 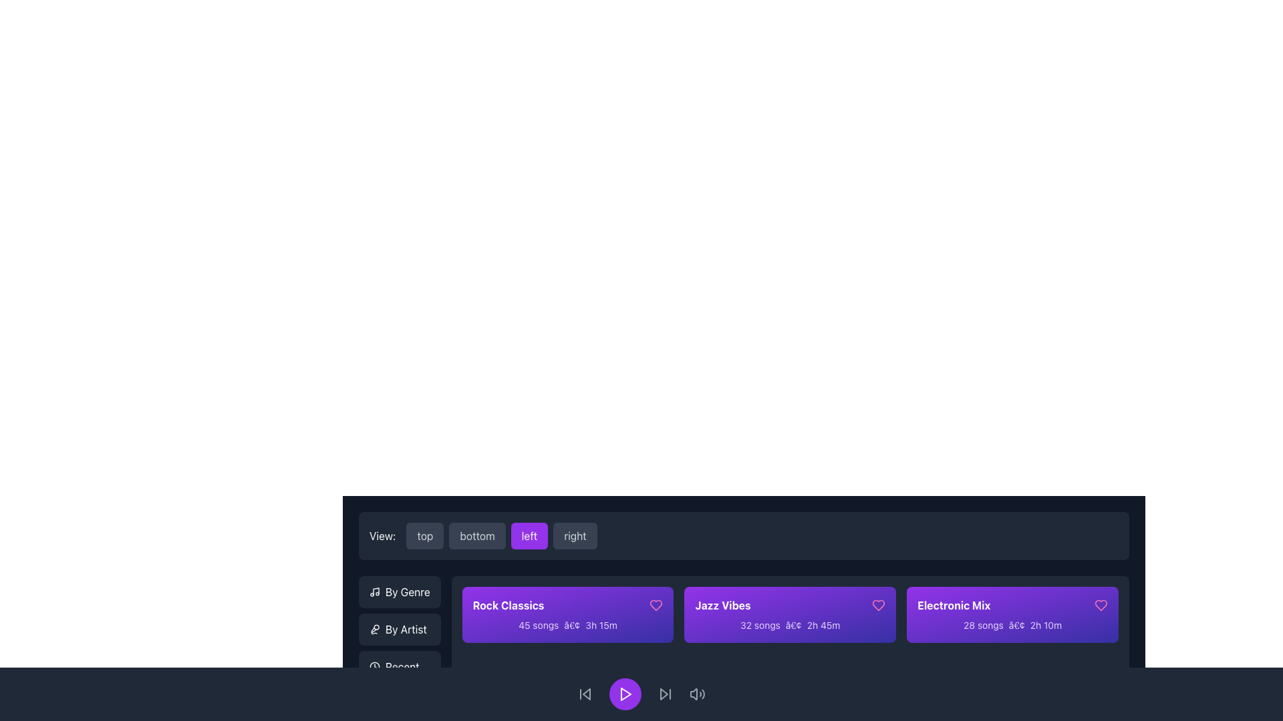 I want to click on the heart-shaped icon in pink color located in the upper-right area of the 'Jazz Vibes' card to like or unlike the item, so click(x=879, y=605).